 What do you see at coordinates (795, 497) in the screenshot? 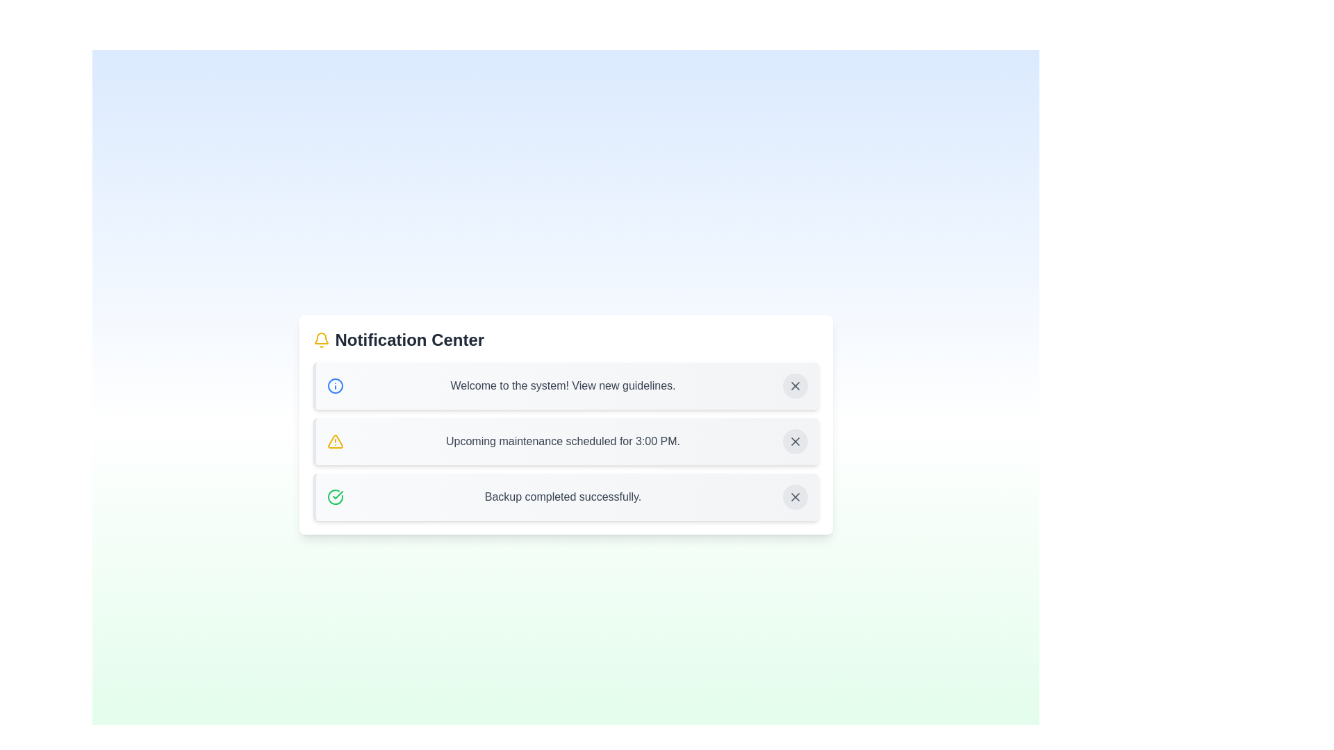
I see `the close button, which is a circular SVG icon located at the far-right of the notification card for the message 'Backup completed successfully.'` at bounding box center [795, 497].